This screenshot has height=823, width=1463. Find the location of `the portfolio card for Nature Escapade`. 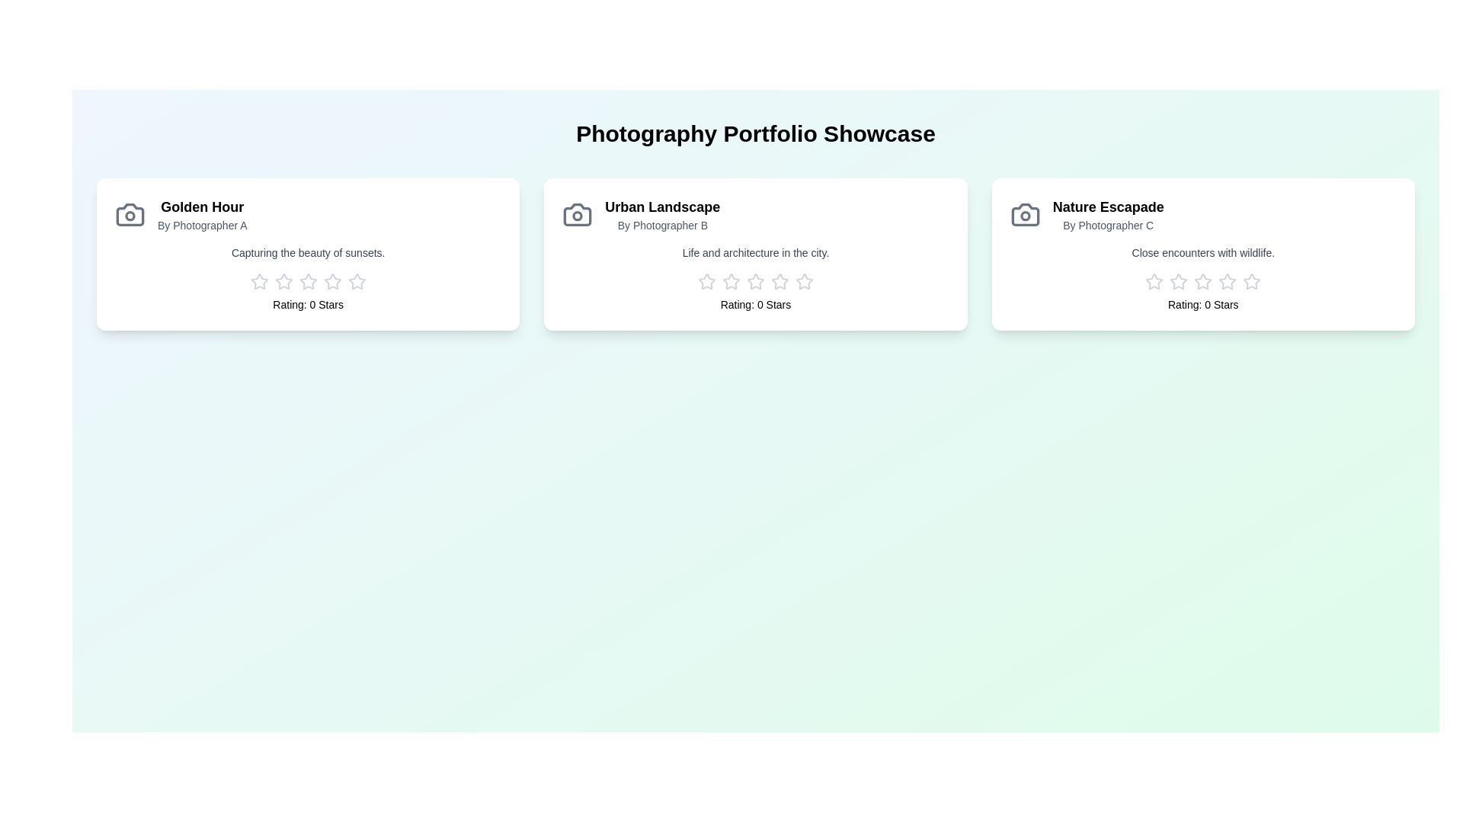

the portfolio card for Nature Escapade is located at coordinates (1202, 254).